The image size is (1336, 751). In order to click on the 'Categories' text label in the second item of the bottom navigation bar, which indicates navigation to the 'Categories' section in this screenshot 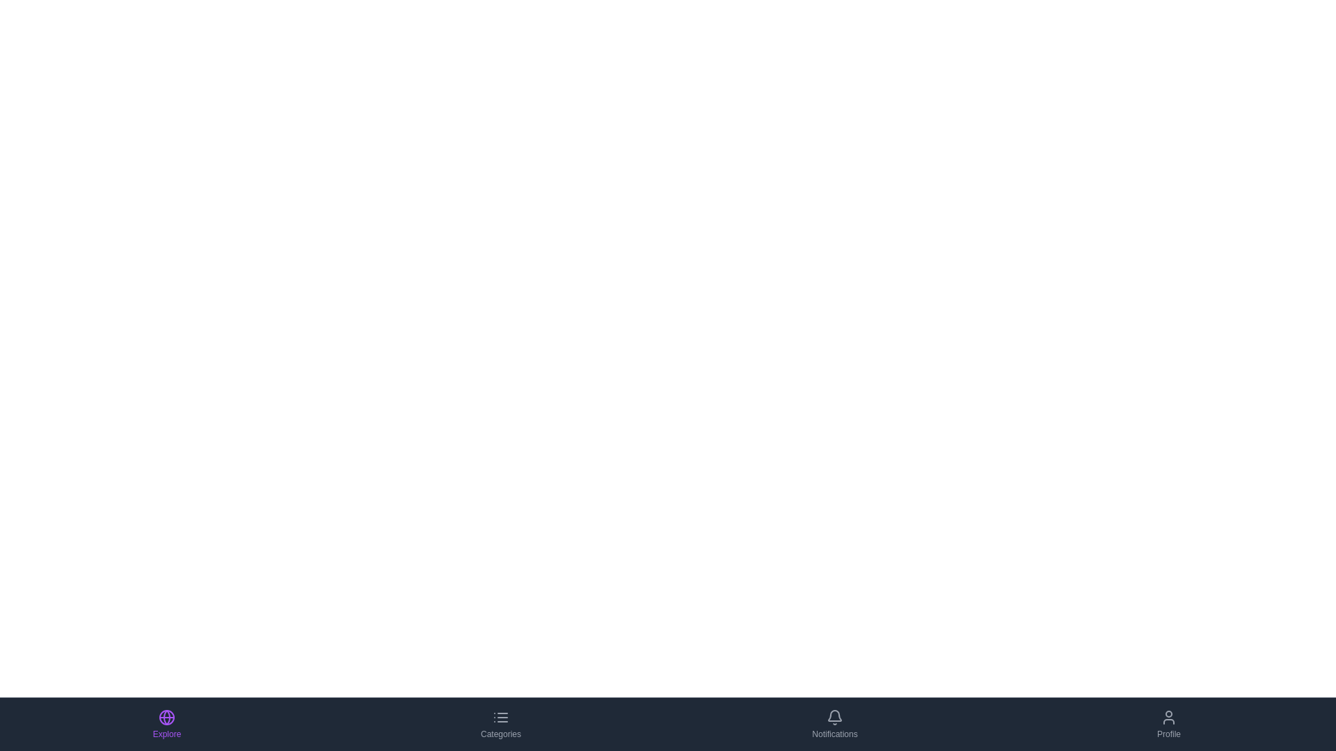, I will do `click(501, 734)`.